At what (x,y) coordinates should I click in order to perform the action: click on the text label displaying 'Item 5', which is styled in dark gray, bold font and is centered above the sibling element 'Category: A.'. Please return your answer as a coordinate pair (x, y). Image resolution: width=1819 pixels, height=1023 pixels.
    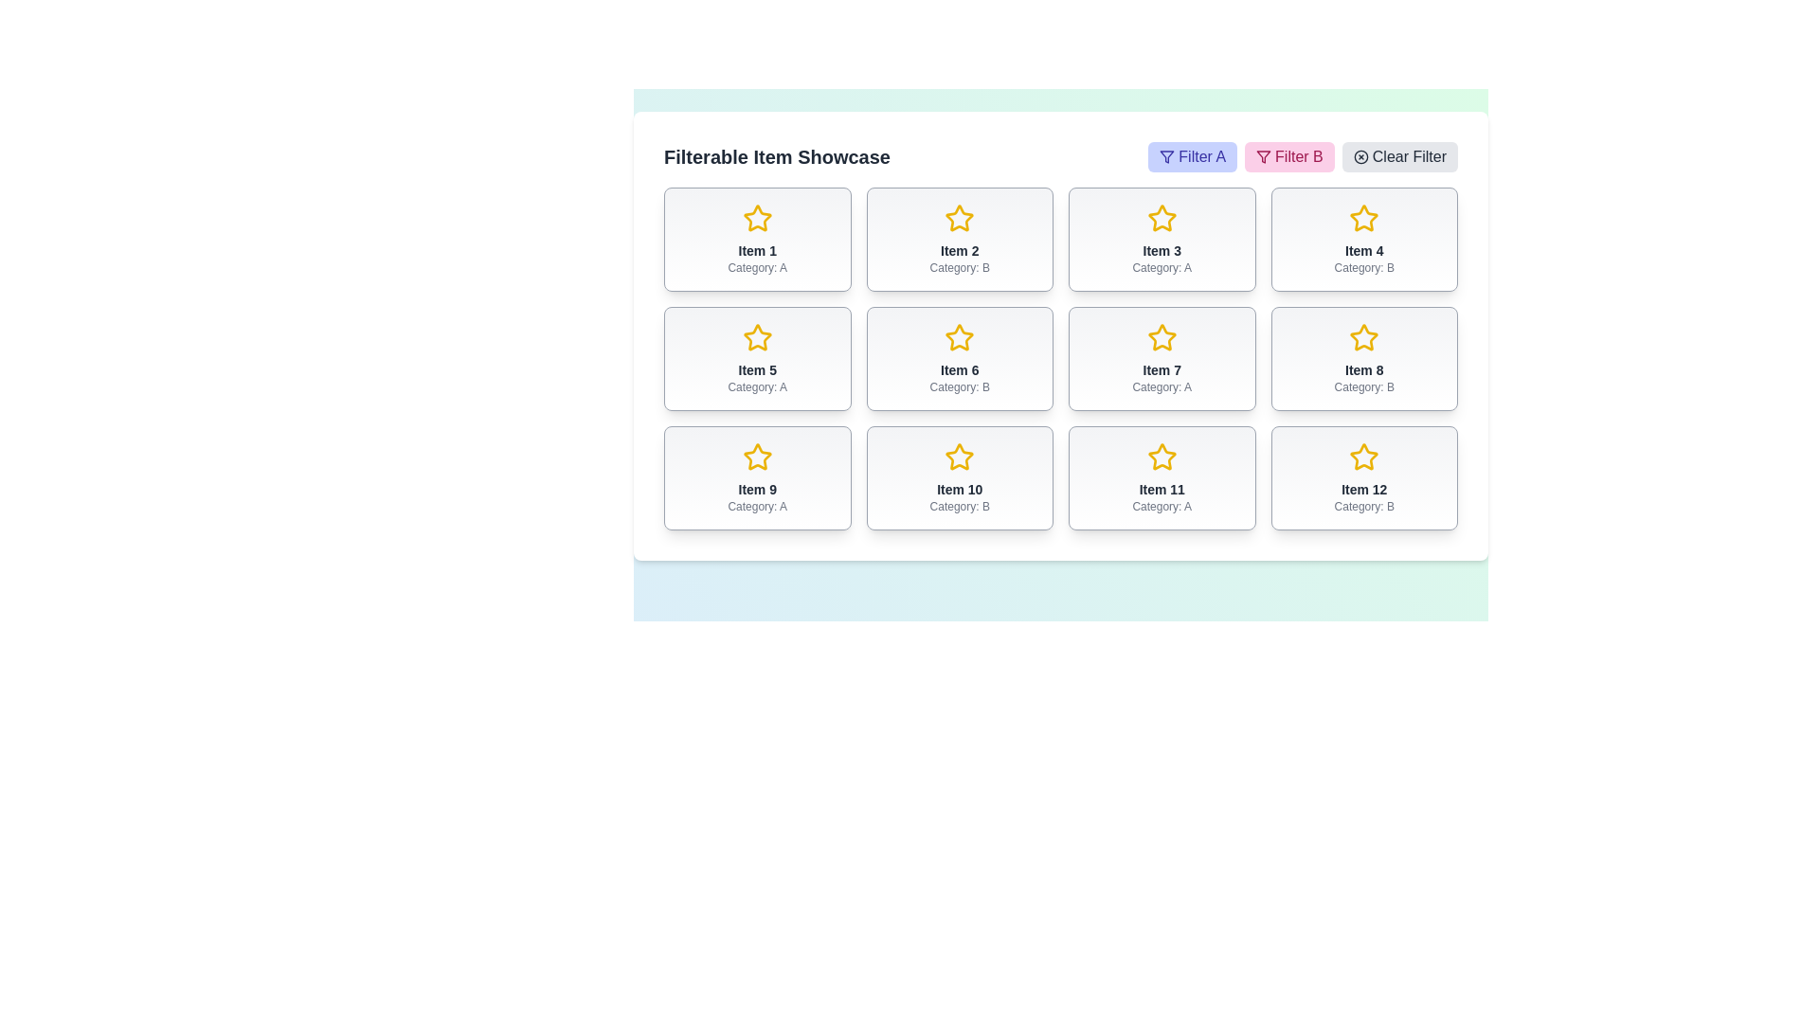
    Looking at the image, I should click on (756, 369).